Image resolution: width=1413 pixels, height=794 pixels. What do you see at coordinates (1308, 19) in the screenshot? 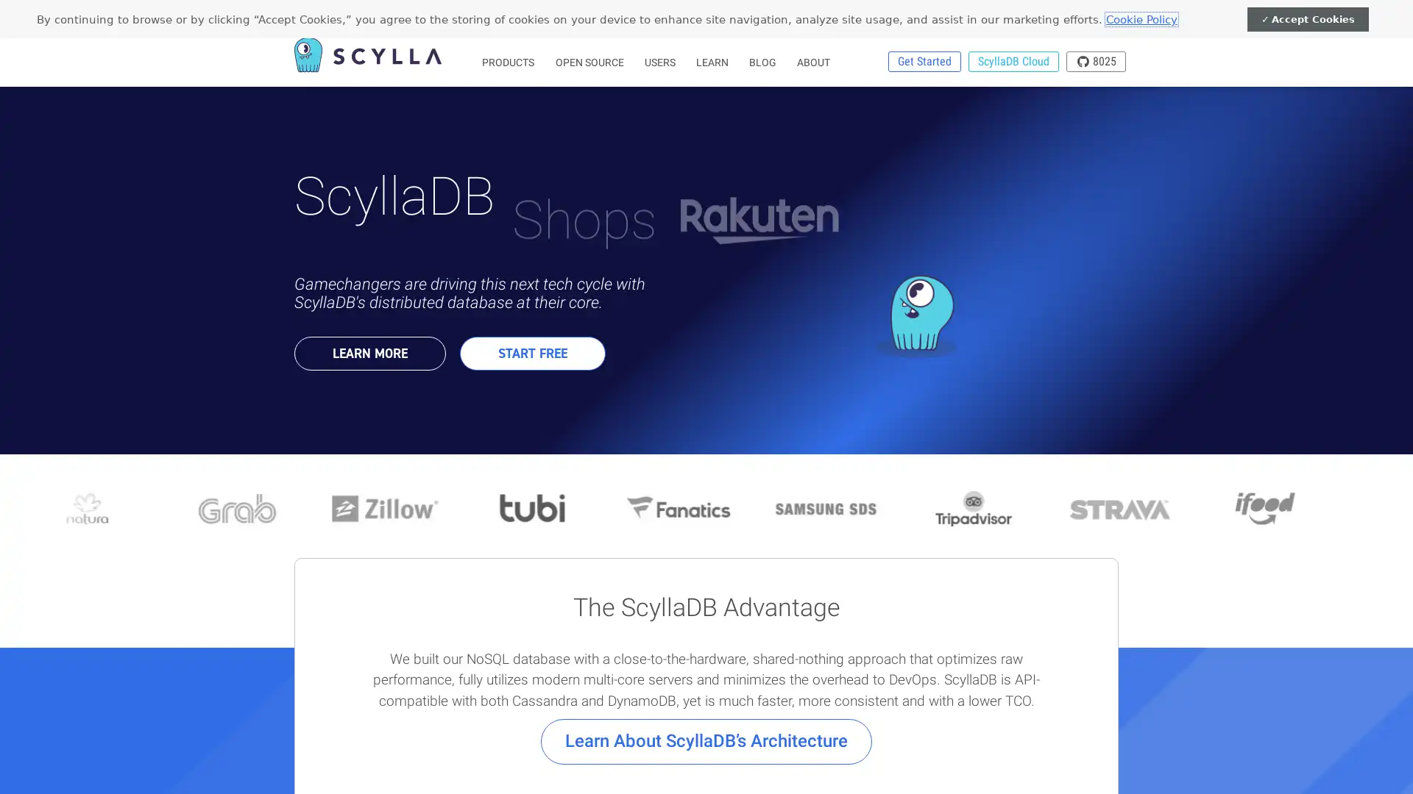
I see `Accept Cookies` at bounding box center [1308, 19].